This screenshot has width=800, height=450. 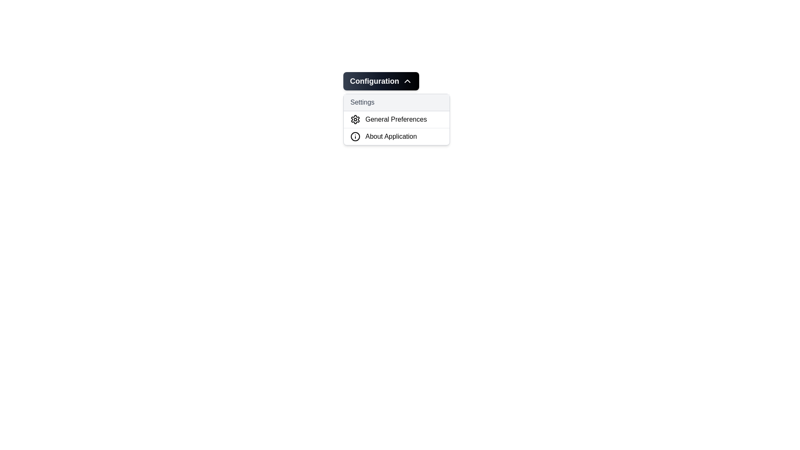 I want to click on the 'About Application' icon located under the 'Configuration' dropdown menu, which serves as a visual cue for users, so click(x=355, y=136).